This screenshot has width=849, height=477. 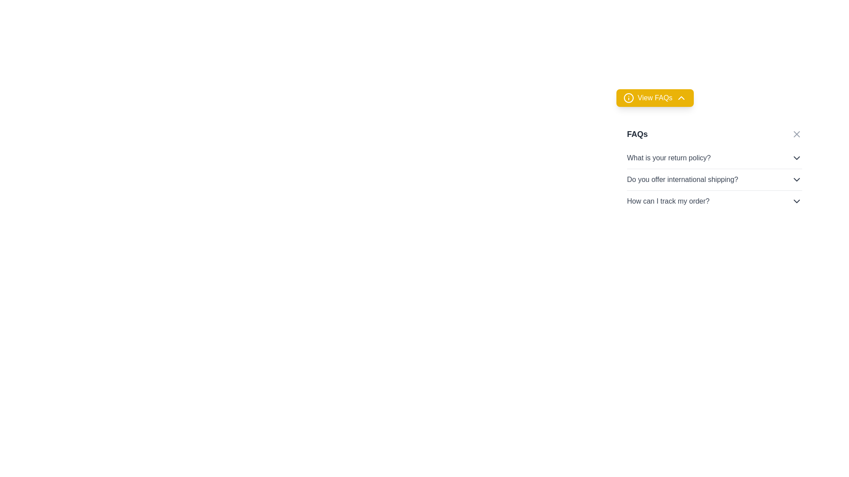 What do you see at coordinates (715, 179) in the screenshot?
I see `the Dropdown trigger for the FAQ item displaying the query 'Do you offer international shipping?'` at bounding box center [715, 179].